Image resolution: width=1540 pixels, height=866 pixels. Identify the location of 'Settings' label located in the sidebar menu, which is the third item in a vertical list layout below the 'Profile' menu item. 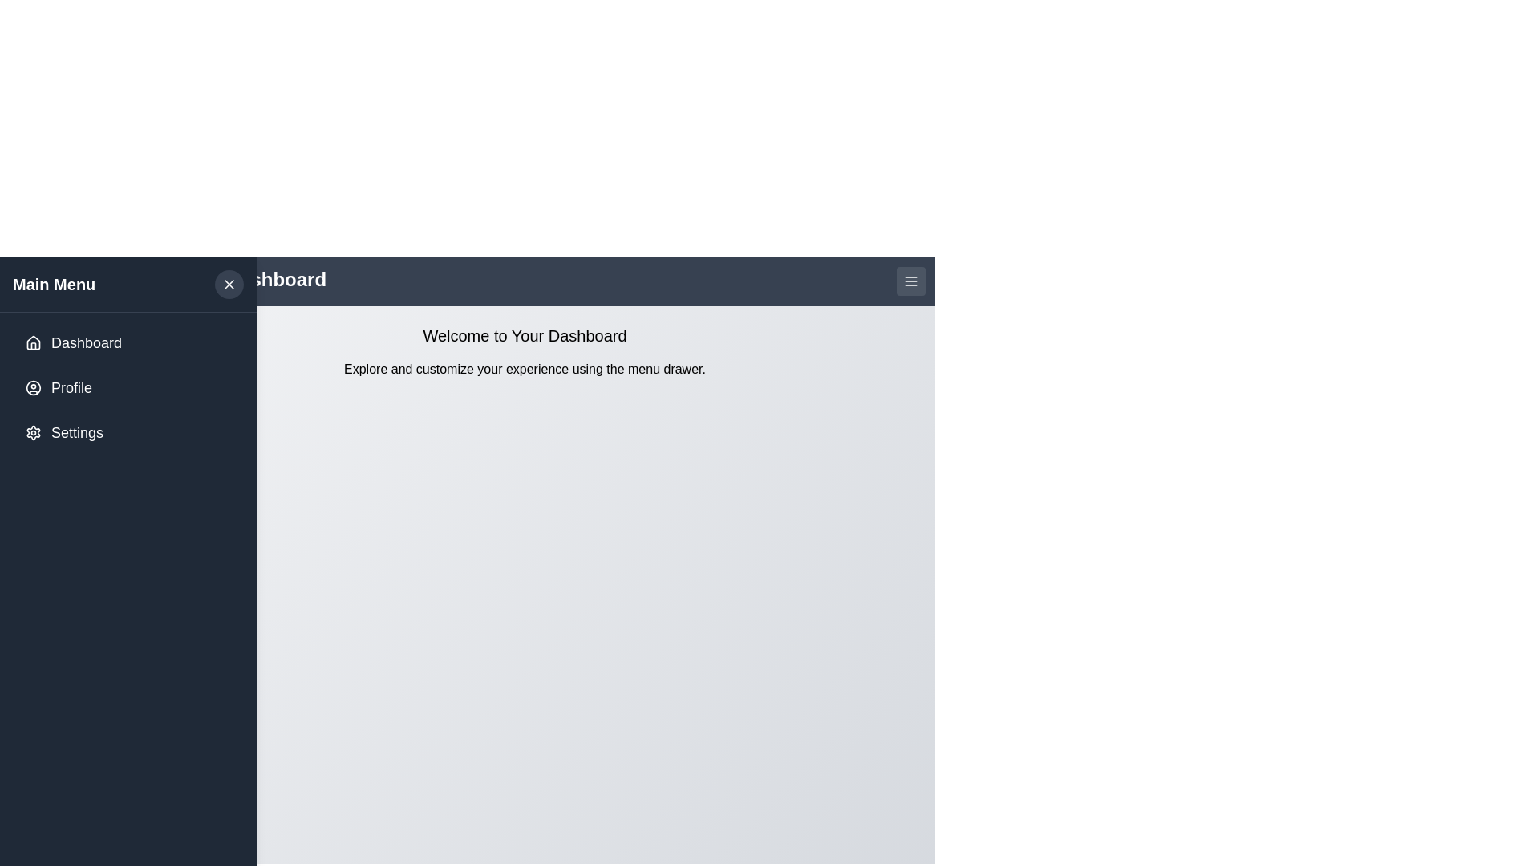
(76, 433).